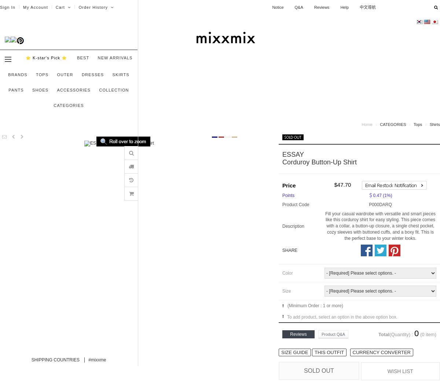 This screenshot has width=440, height=383. What do you see at coordinates (342, 316) in the screenshot?
I see `'To add product, select an option in the above option box.'` at bounding box center [342, 316].